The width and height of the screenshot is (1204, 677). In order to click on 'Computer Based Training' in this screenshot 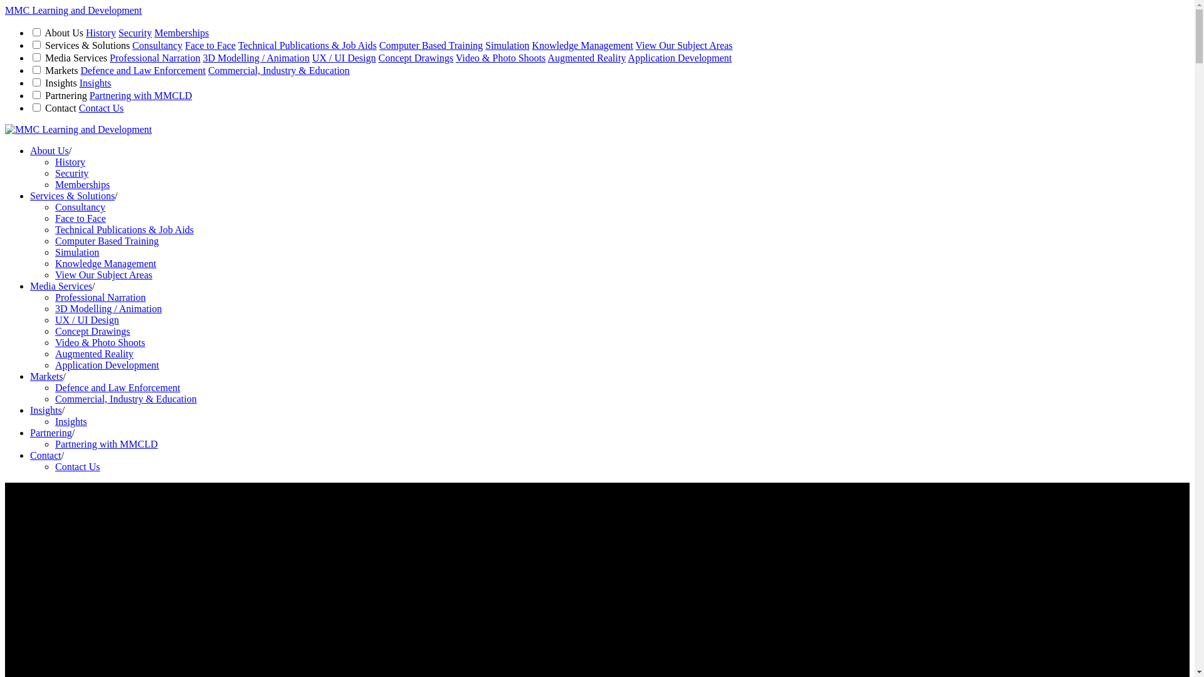, I will do `click(107, 241)`.